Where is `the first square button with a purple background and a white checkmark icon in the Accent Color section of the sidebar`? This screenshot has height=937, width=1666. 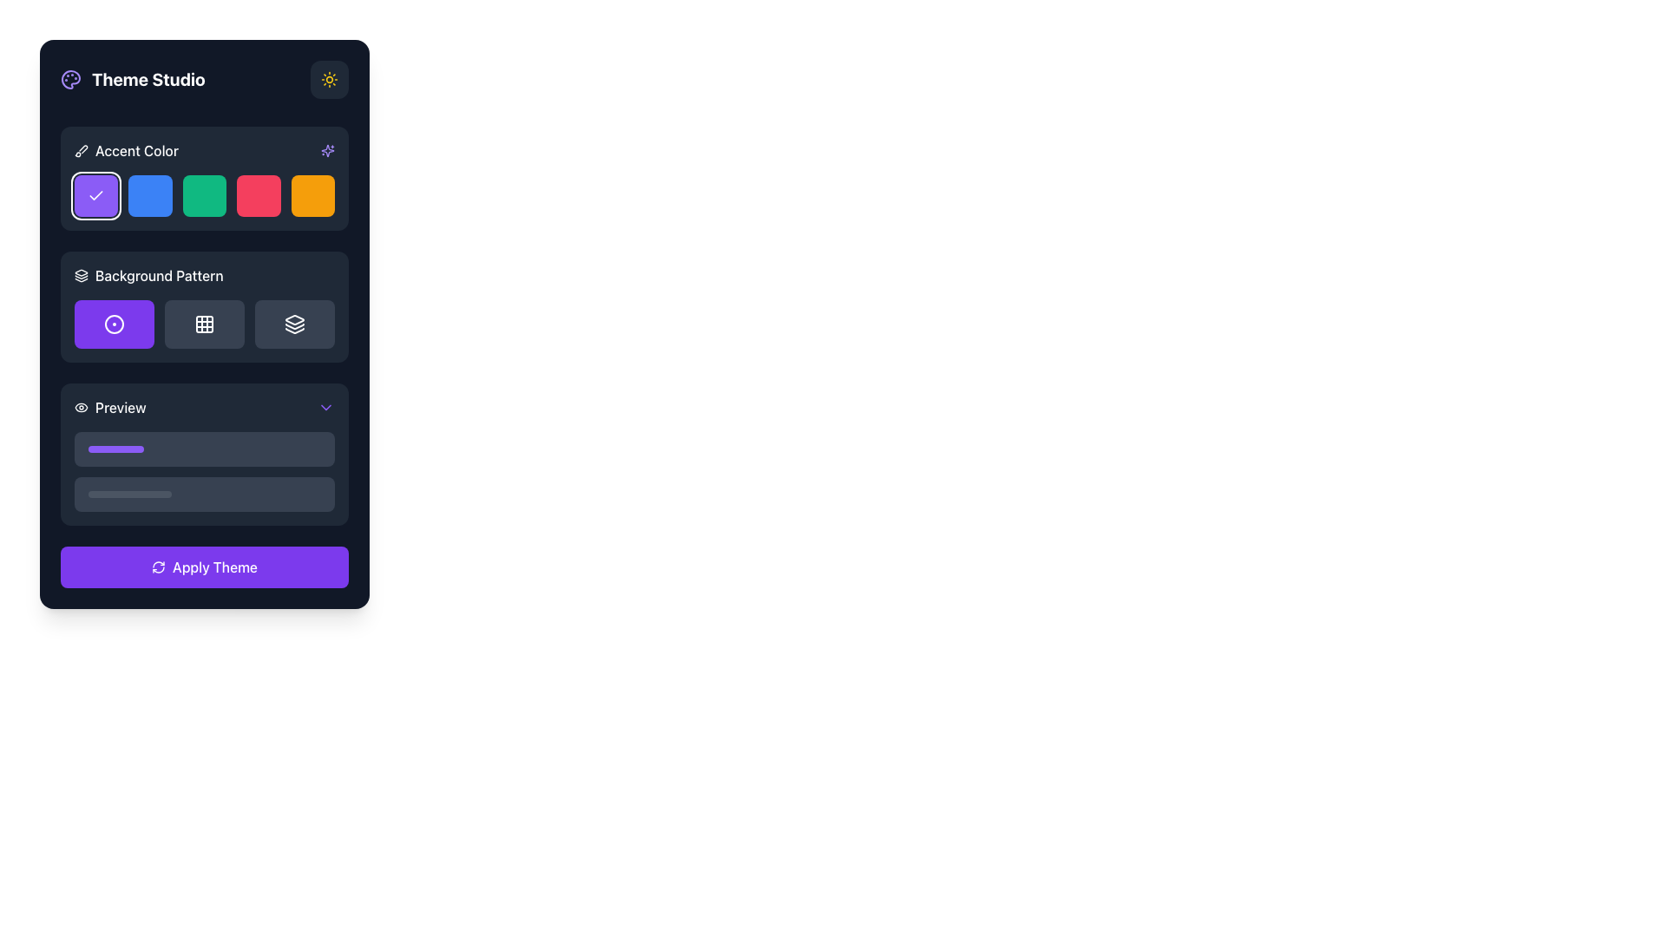 the first square button with a purple background and a white checkmark icon in the Accent Color section of the sidebar is located at coordinates (95, 195).